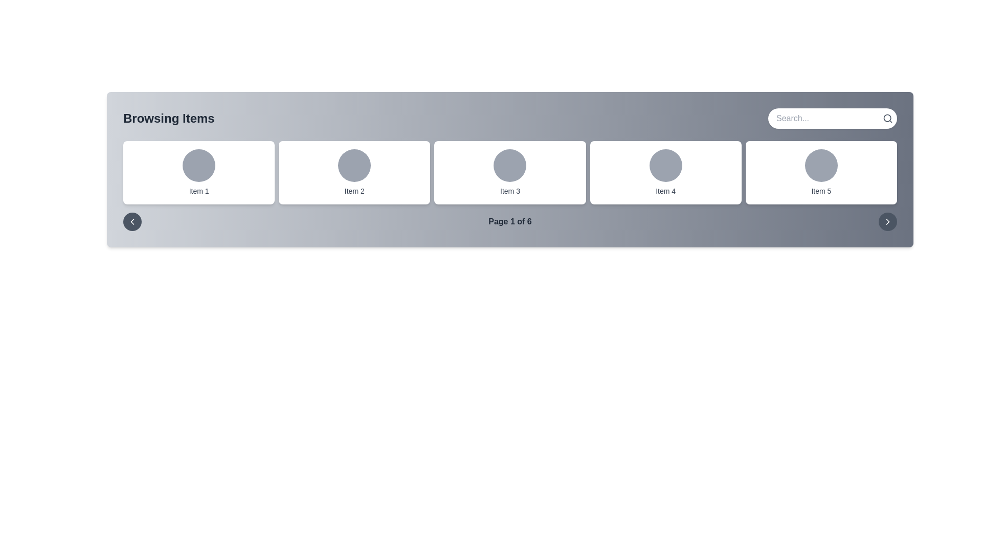 The width and height of the screenshot is (982, 552). Describe the element at coordinates (132, 221) in the screenshot. I see `the circular navigation icon located on the far left of the toolbar` at that location.